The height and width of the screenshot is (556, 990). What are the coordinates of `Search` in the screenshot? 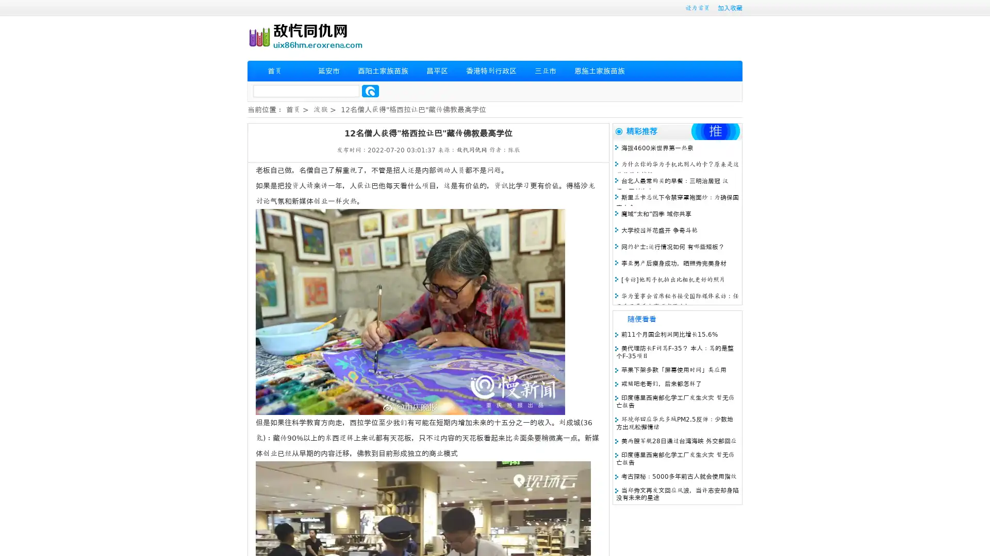 It's located at (370, 91).